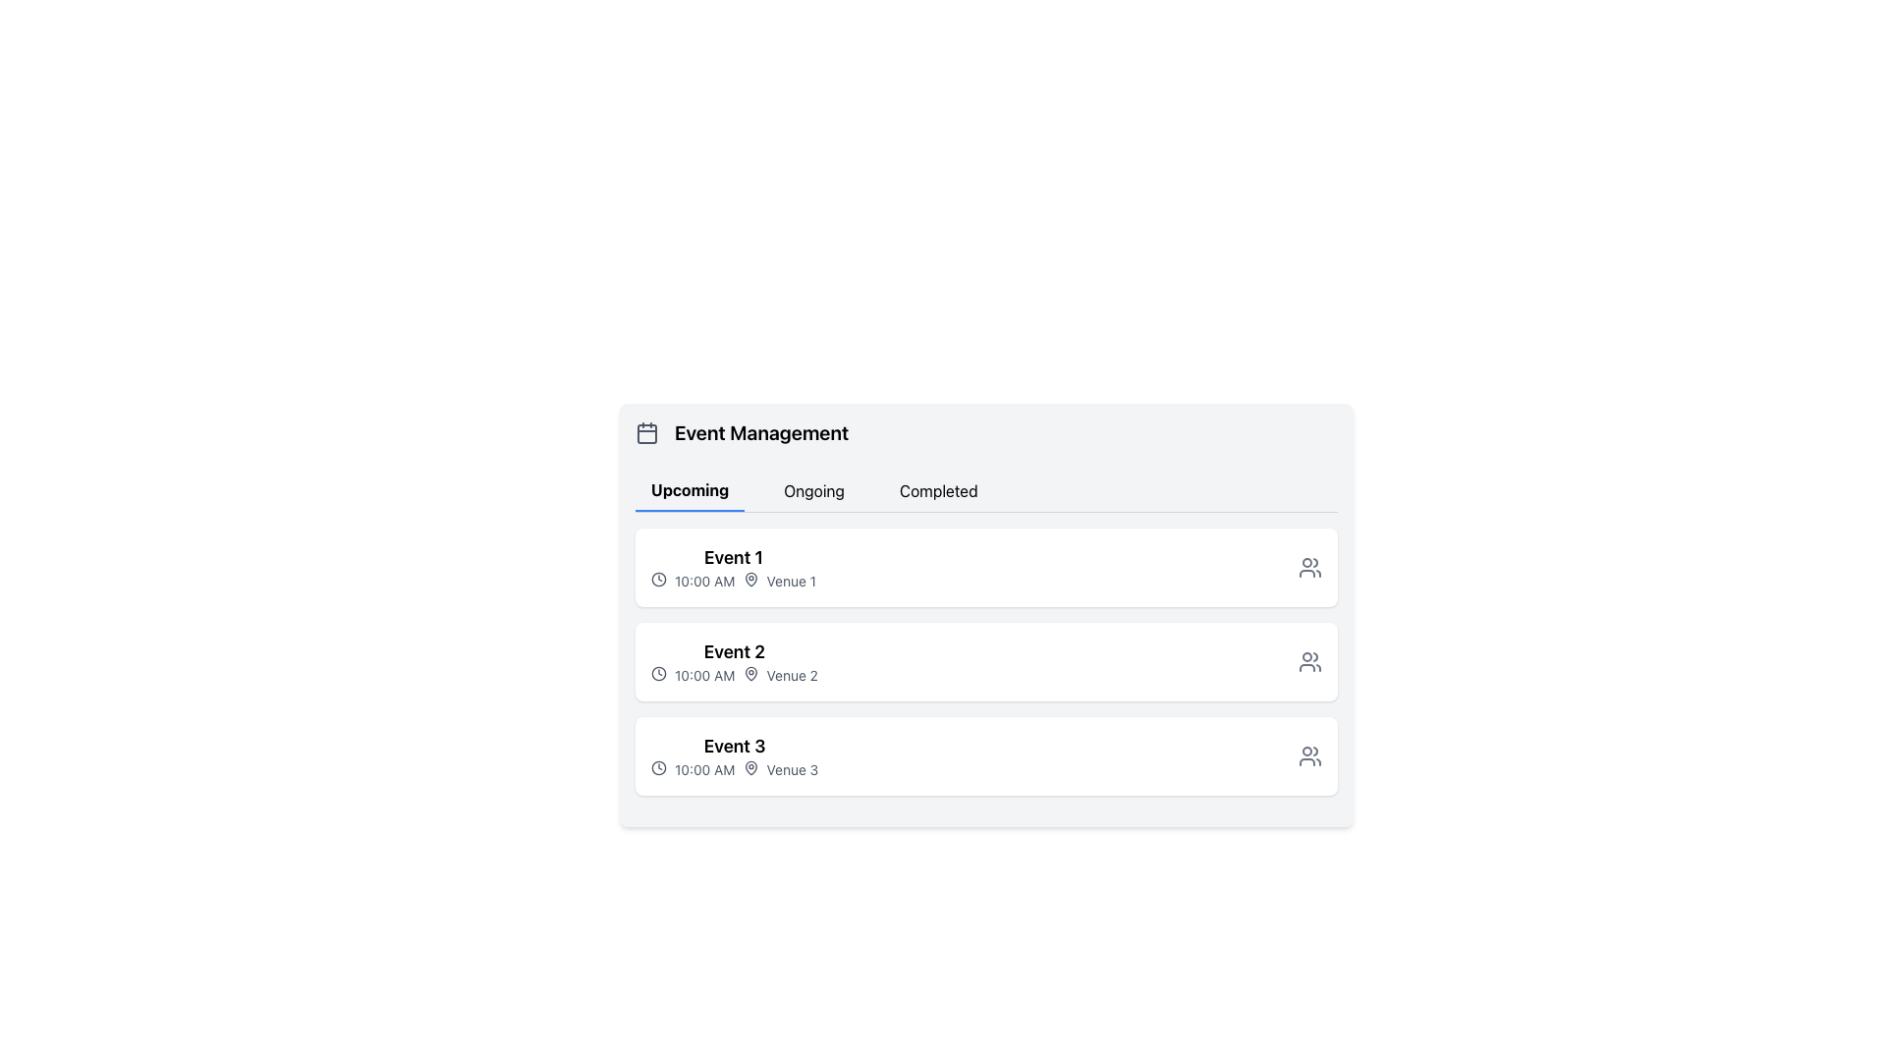 This screenshot has width=1886, height=1061. Describe the element at coordinates (659, 579) in the screenshot. I see `the SVG circle within the clock icon that visually indicates time-related information for 'Event 1' in the 'Upcoming' section` at that location.